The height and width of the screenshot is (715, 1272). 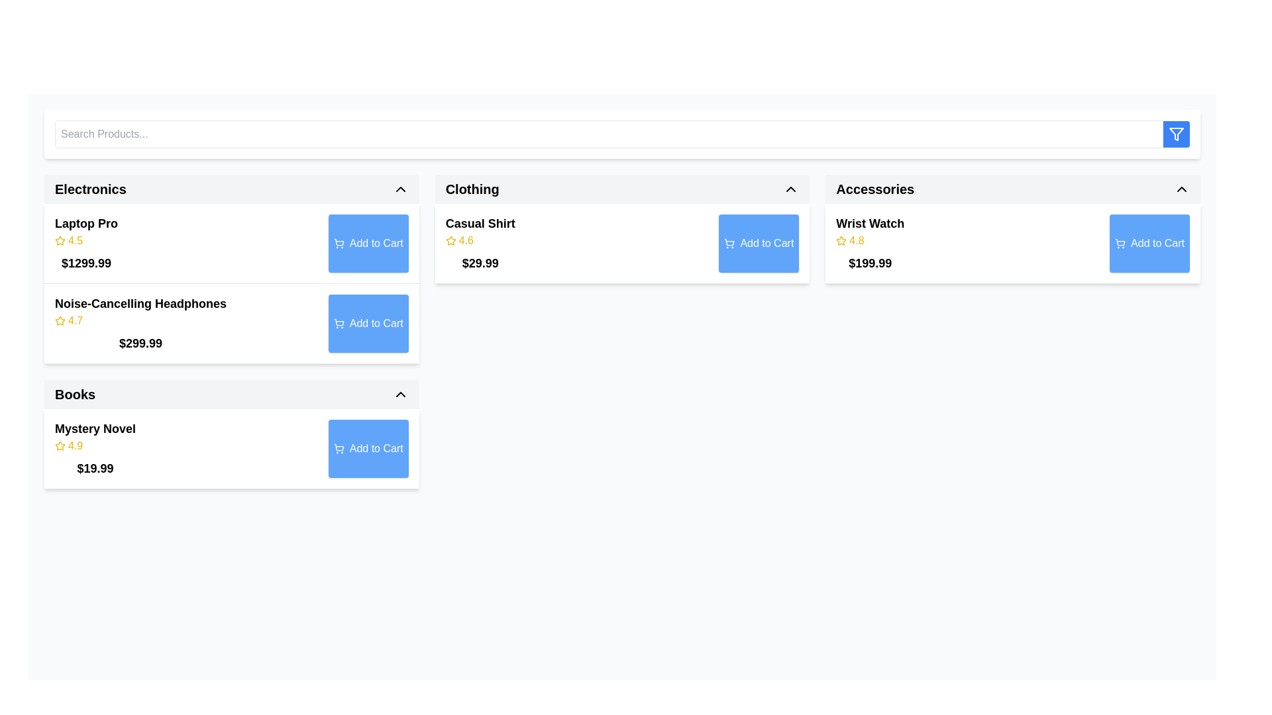 What do you see at coordinates (339, 322) in the screenshot?
I see `the shopping cart icon within the 'Add to Cart' button located on the right side of the product card for 'Noise-Cancelling Headphones'` at bounding box center [339, 322].